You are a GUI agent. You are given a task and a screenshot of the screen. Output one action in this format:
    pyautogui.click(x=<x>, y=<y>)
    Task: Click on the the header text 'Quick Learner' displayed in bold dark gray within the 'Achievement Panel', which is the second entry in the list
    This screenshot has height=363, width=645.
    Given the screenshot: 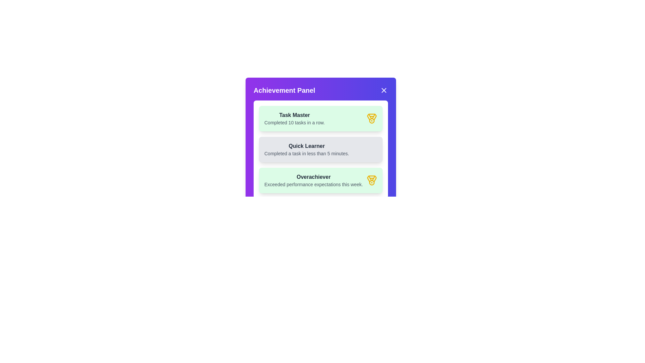 What is the action you would take?
    pyautogui.click(x=306, y=146)
    